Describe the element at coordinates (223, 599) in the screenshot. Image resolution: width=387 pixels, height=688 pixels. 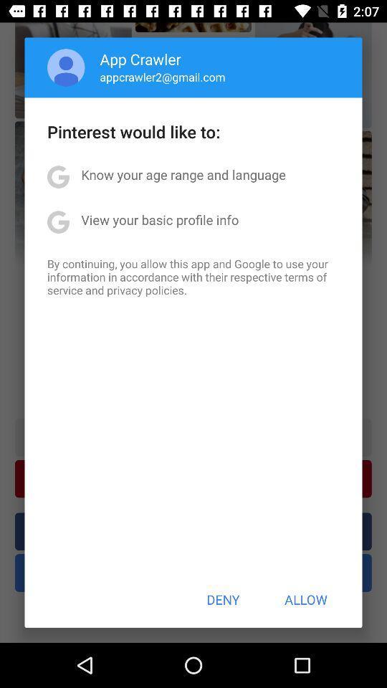
I see `the deny item` at that location.